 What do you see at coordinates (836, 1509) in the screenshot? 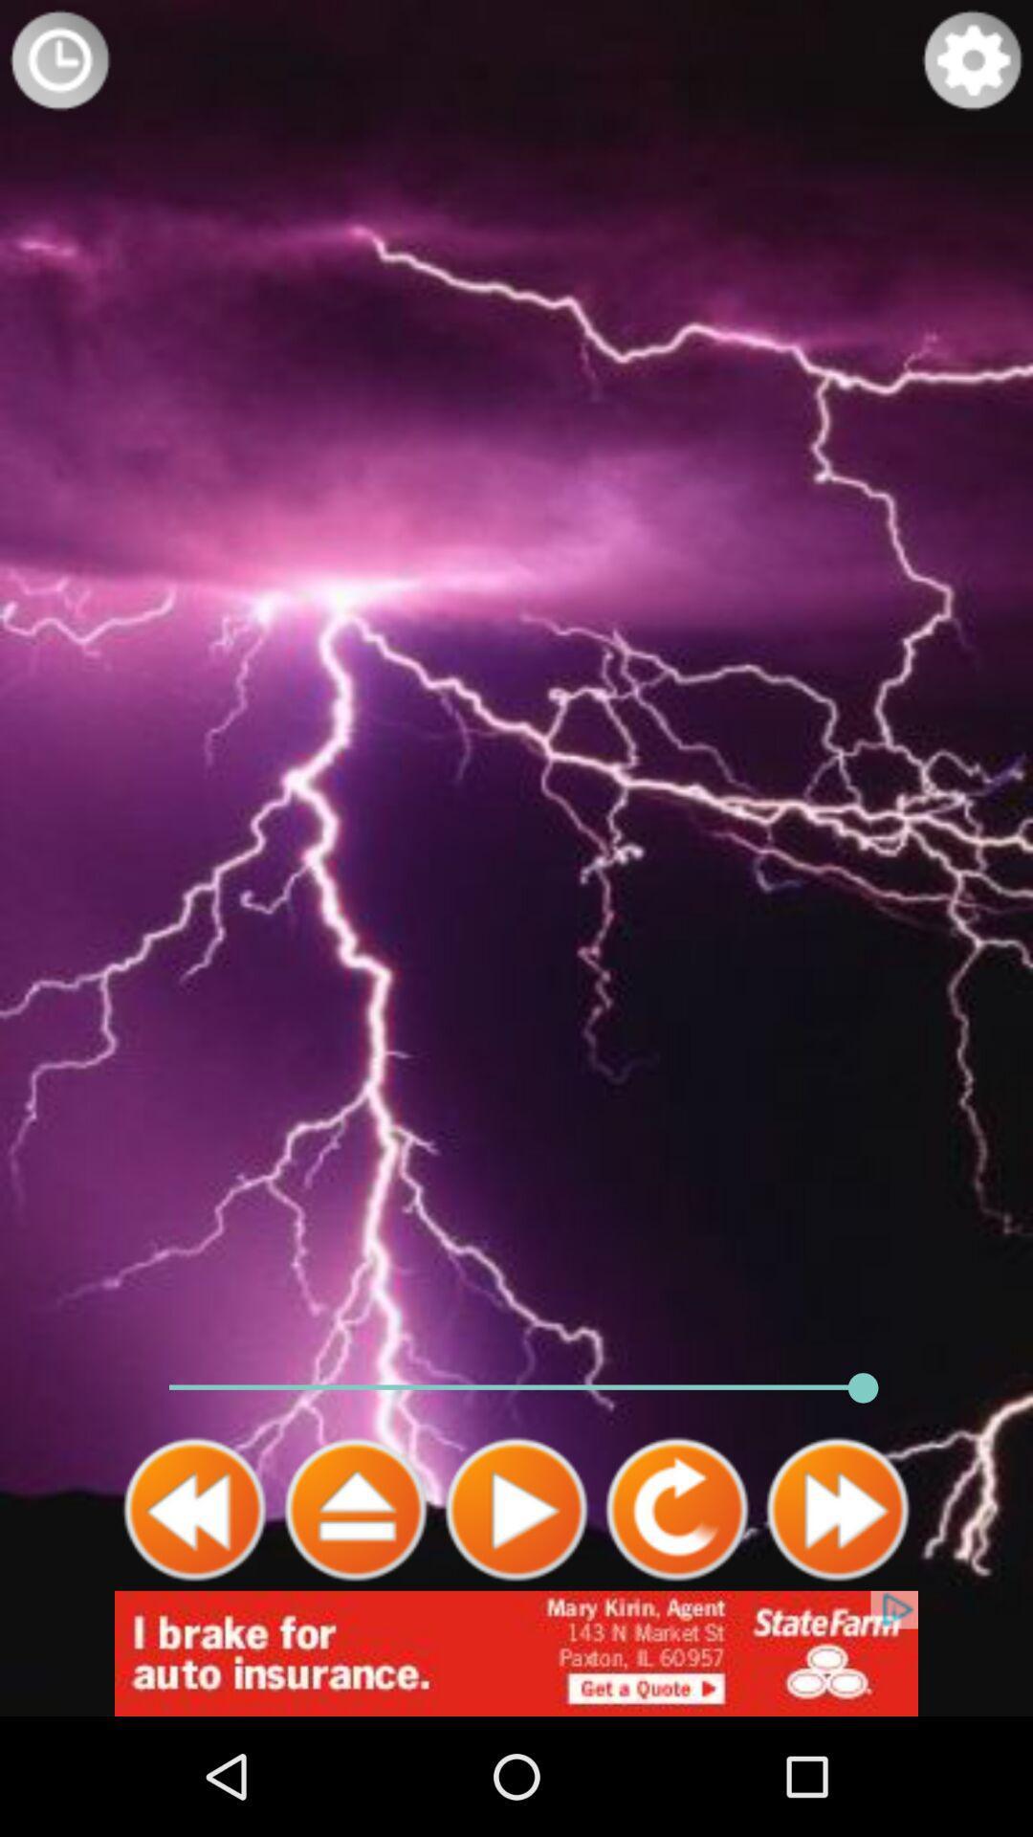
I see `goes to next song` at bounding box center [836, 1509].